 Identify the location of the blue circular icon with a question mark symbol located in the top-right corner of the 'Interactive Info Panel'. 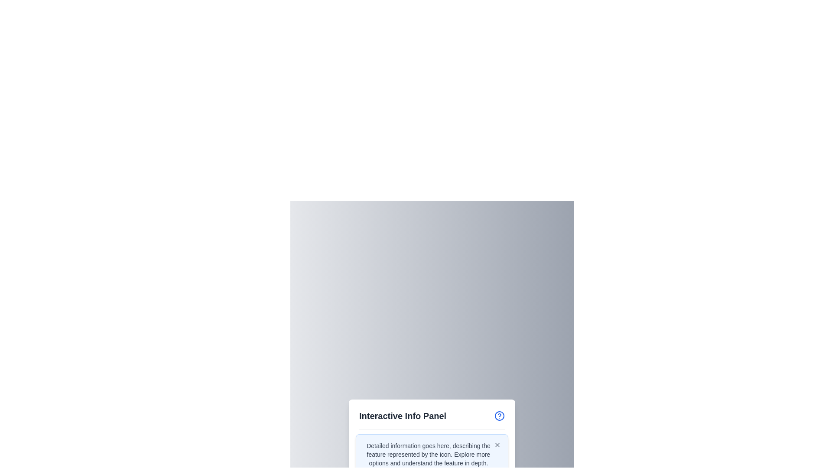
(499, 415).